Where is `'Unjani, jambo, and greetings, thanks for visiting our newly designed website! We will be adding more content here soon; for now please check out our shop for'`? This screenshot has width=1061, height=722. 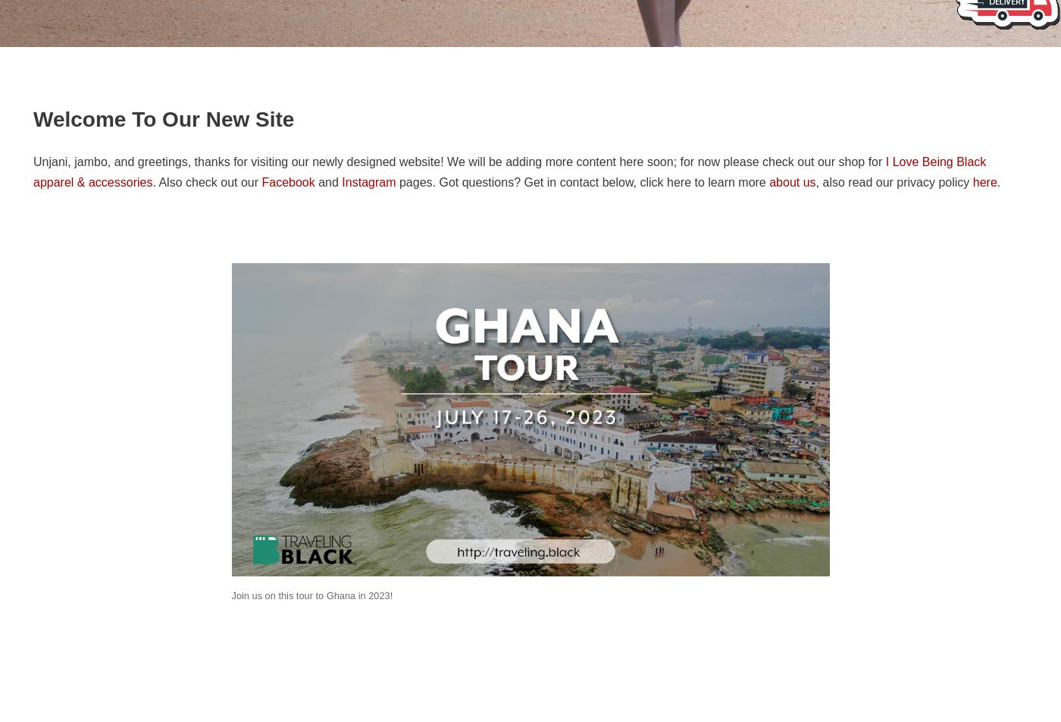 'Unjani, jambo, and greetings, thanks for visiting our newly designed website! We will be adding more content here soon; for now please check out our shop for' is located at coordinates (459, 162).